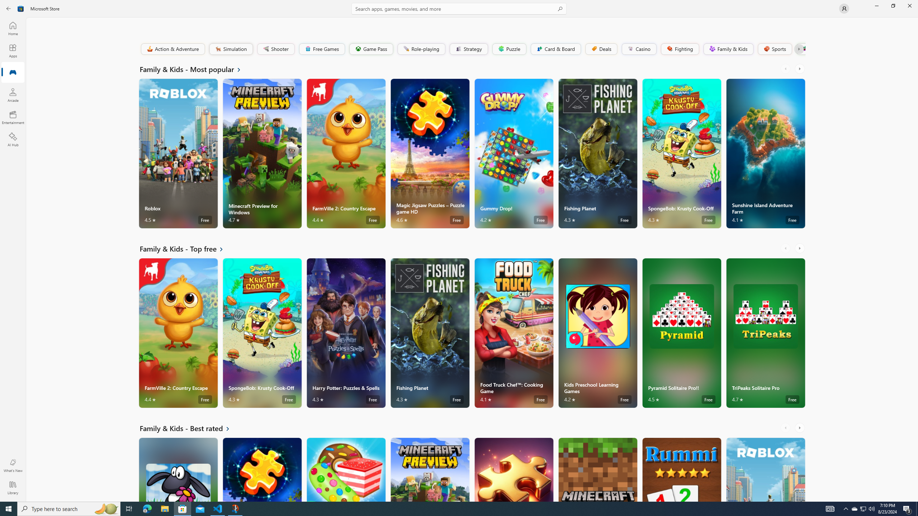  What do you see at coordinates (798, 48) in the screenshot?
I see `'Class: Button'` at bounding box center [798, 48].